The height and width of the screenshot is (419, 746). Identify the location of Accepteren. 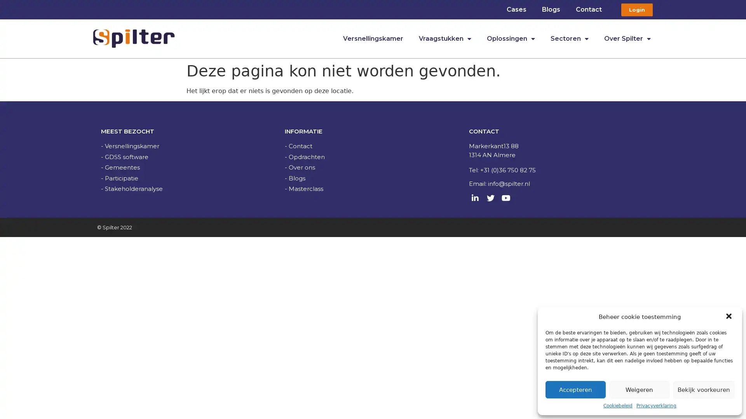
(575, 390).